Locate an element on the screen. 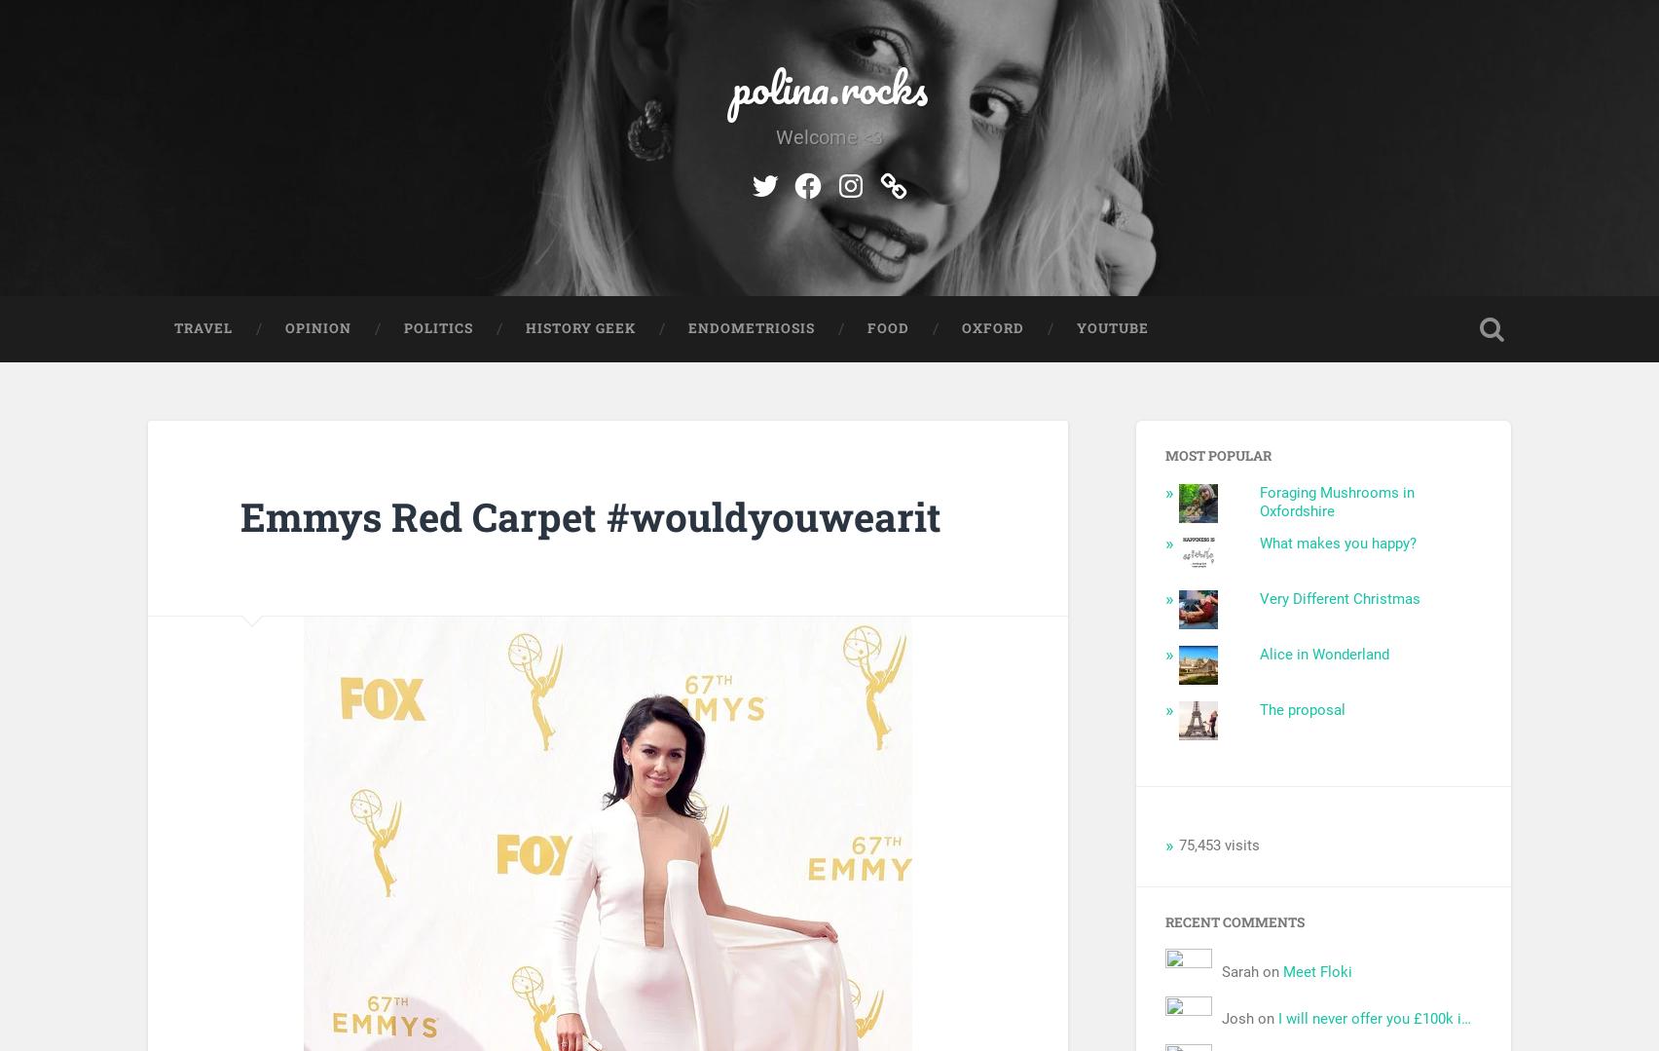  'The proposal' is located at coordinates (1301, 708).